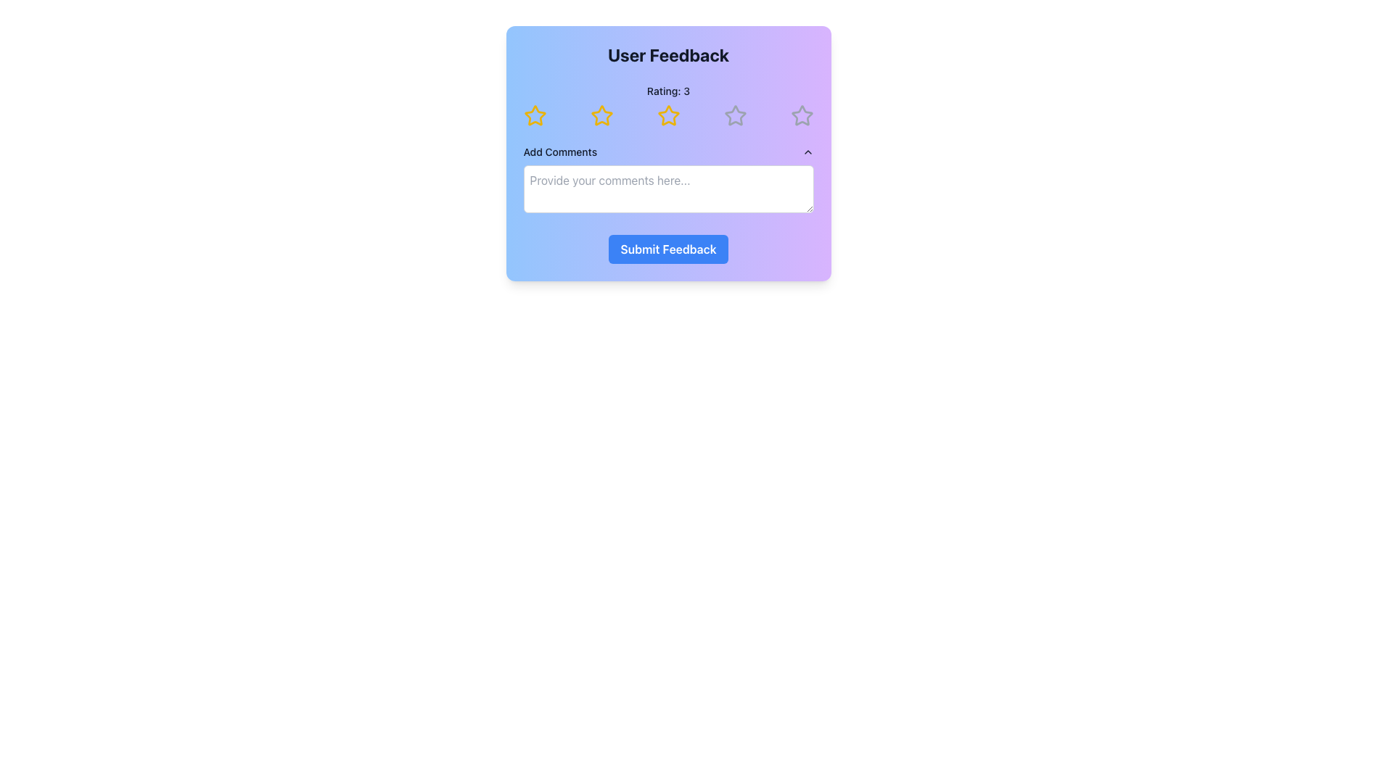 The image size is (1393, 783). Describe the element at coordinates (734, 114) in the screenshot. I see `the fourth star-shaped icon in the rating system` at that location.